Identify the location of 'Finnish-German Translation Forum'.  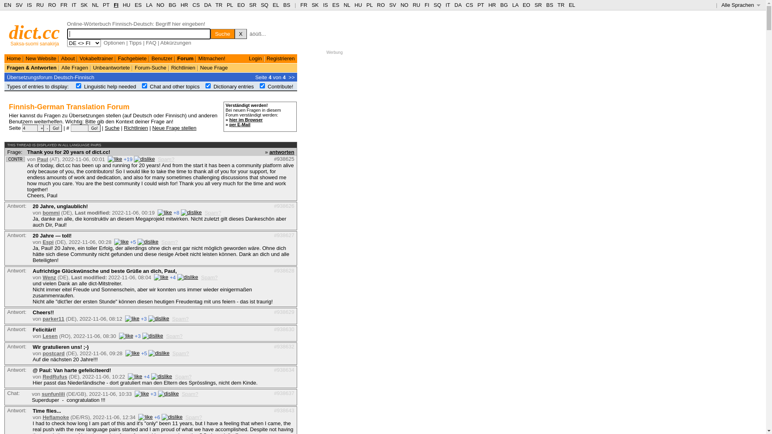
(69, 106).